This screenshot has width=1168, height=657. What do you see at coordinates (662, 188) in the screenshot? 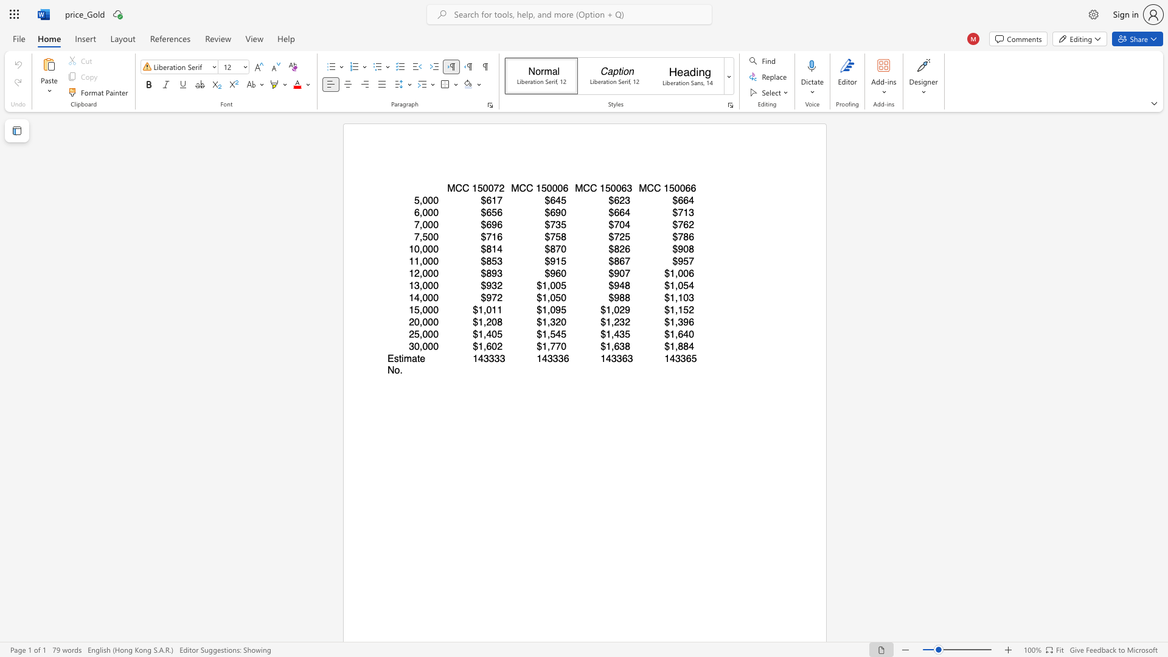
I see `the subset text "150066" within the text "MCC 150066"` at bounding box center [662, 188].